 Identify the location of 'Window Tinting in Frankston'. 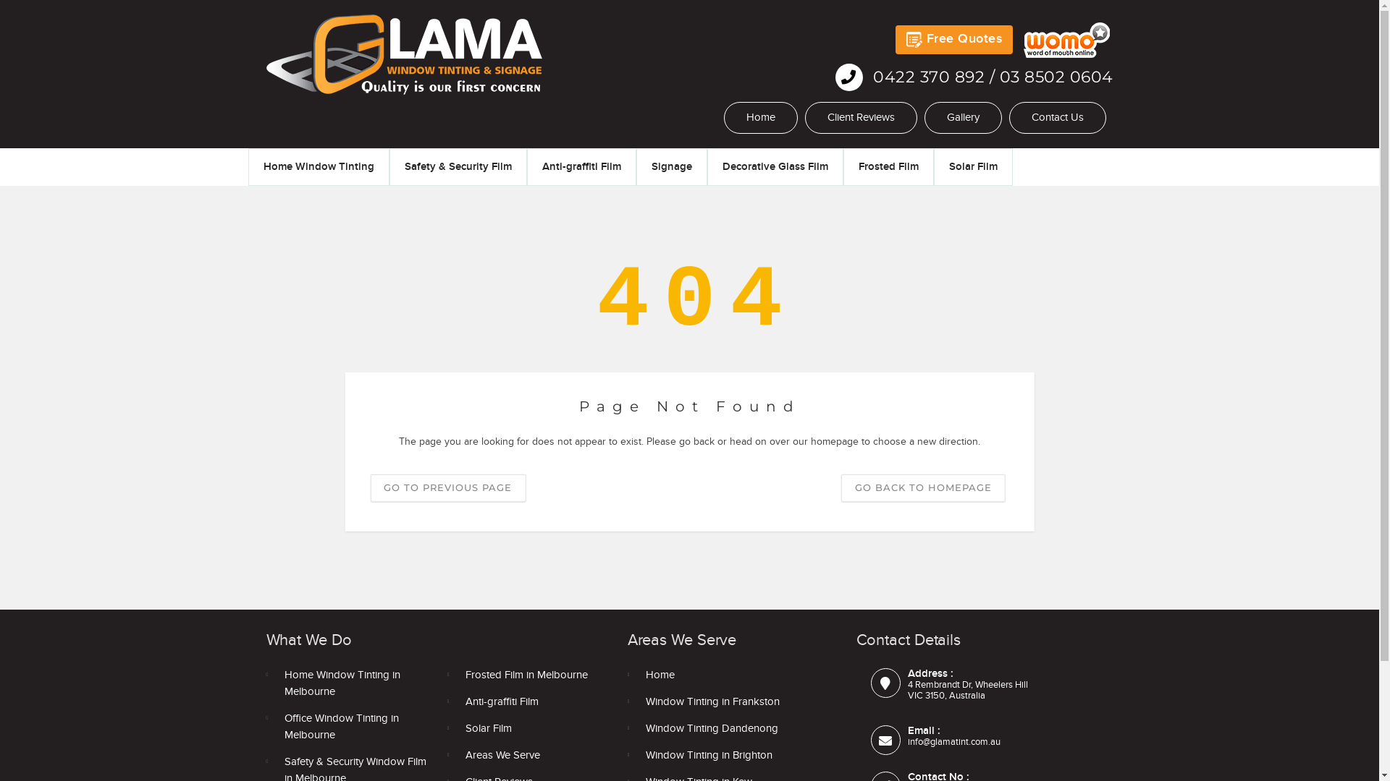
(725, 702).